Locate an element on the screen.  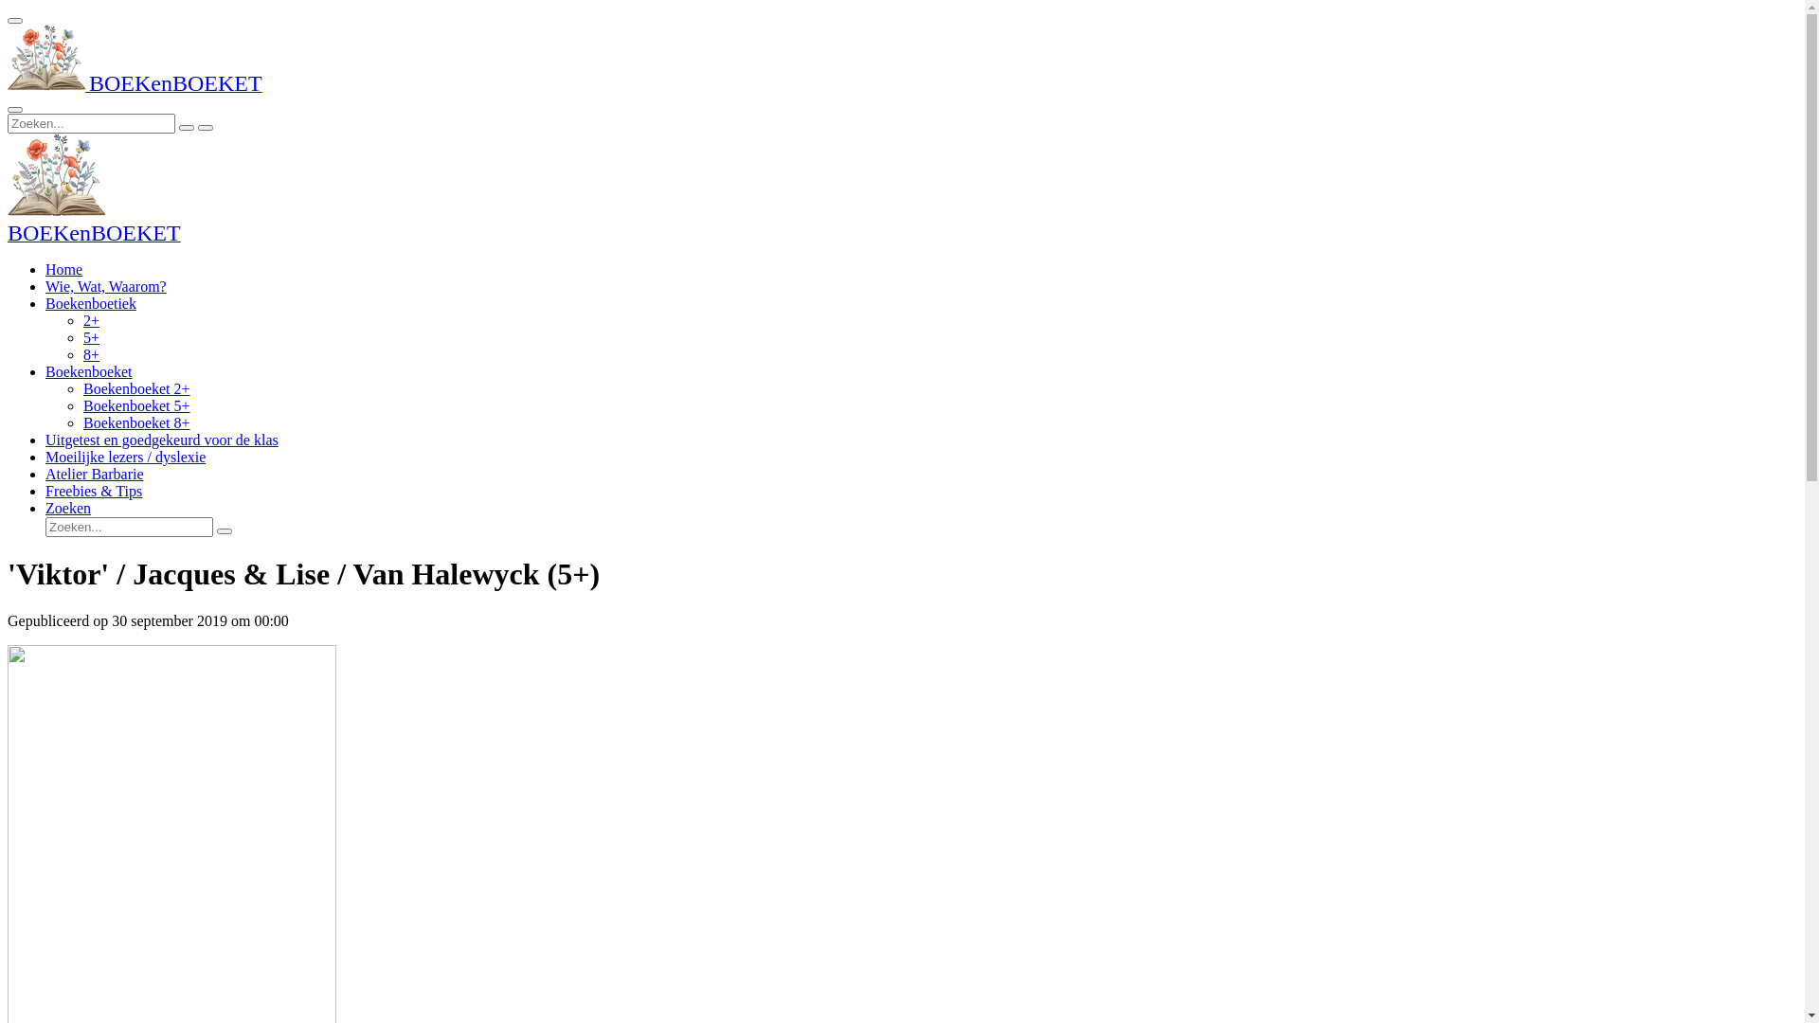
'BOEKenBOEKET' is located at coordinates (45, 57).